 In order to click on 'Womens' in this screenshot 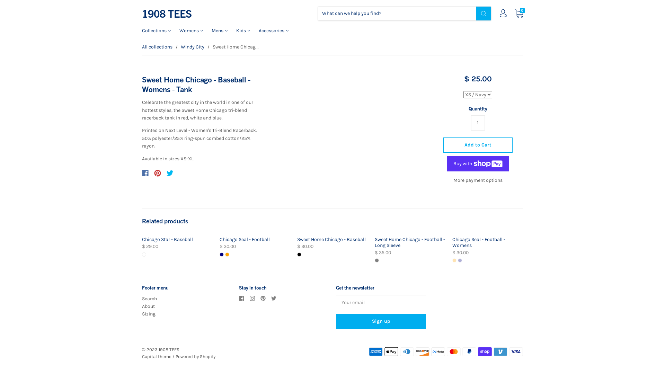, I will do `click(195, 30)`.